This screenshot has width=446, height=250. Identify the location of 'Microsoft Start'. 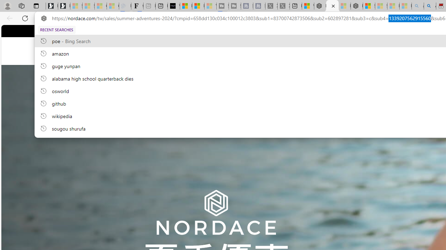
(198, 6).